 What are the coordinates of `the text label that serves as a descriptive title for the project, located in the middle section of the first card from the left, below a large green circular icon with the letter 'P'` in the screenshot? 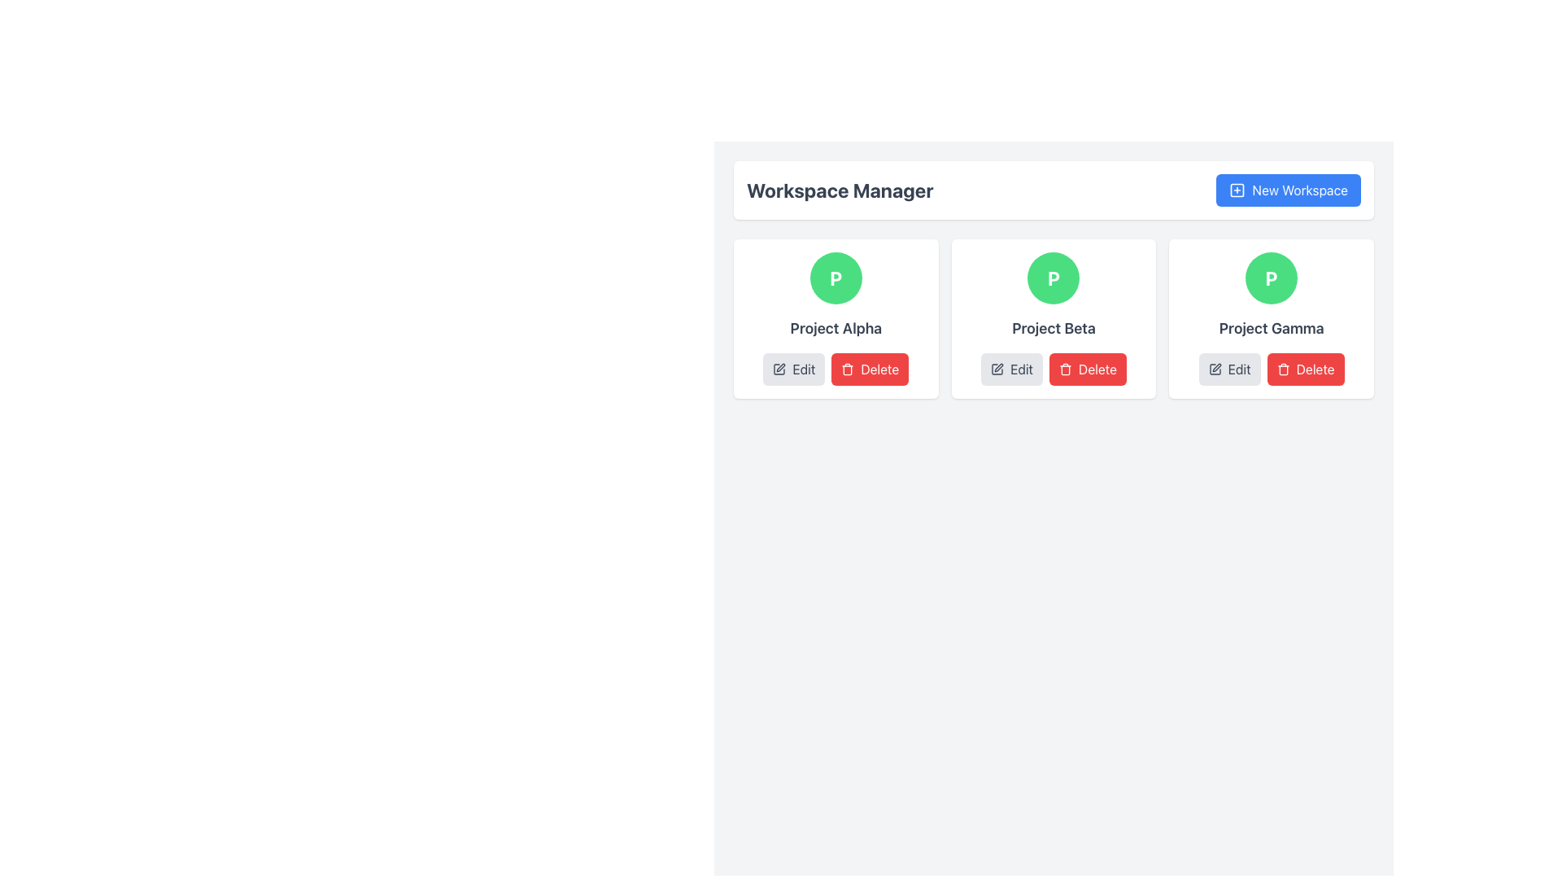 It's located at (836, 329).